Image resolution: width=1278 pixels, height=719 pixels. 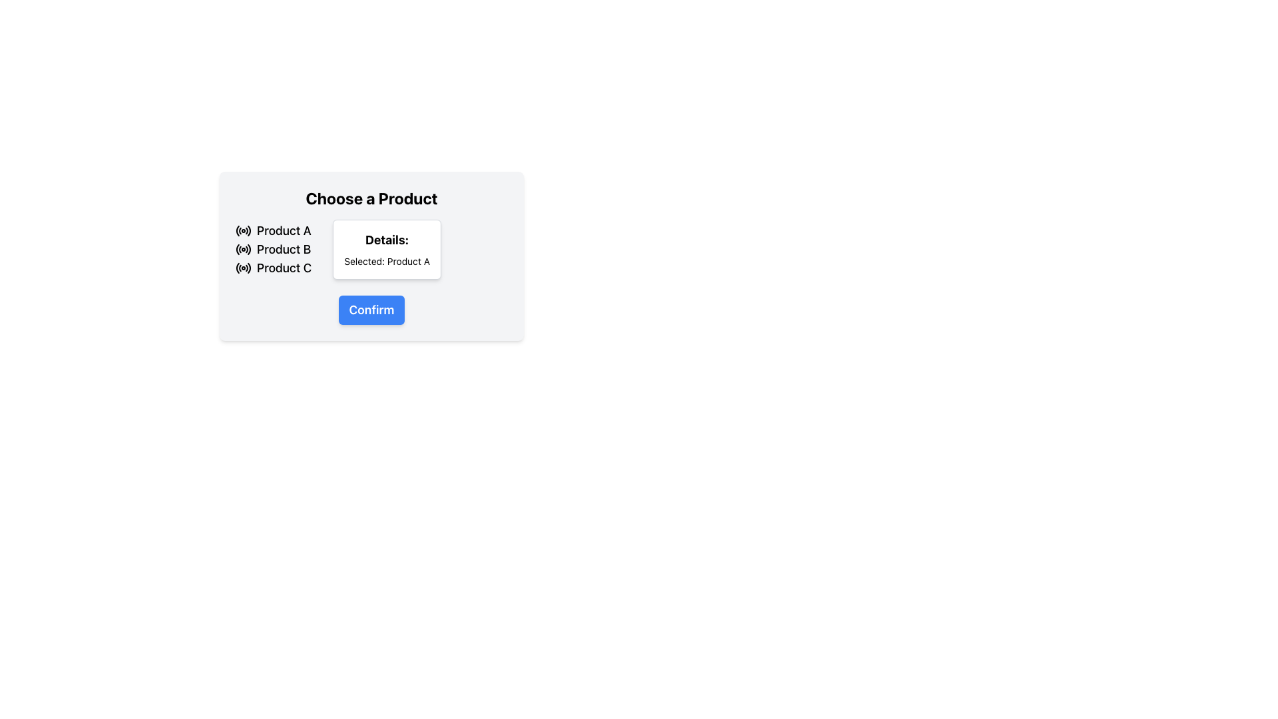 I want to click on the radio button for 'Product C', so click(x=243, y=268).